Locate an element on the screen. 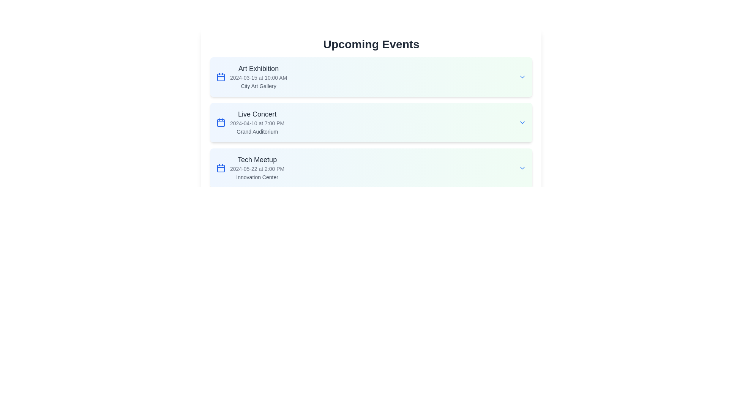 The height and width of the screenshot is (410, 729). the static text label displaying 'Grand Auditorium', which is located below the event title 'Live Concert' and the date-time information '2024-04-10 at 7:00 PM' is located at coordinates (257, 131).